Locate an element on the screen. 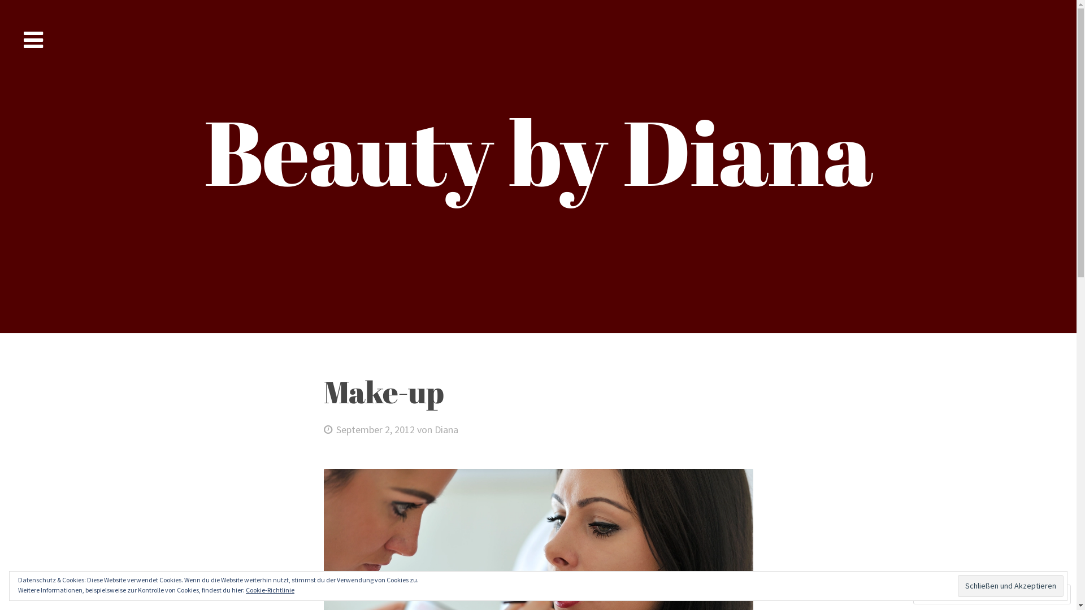  'Cookie-Richtlinie' is located at coordinates (270, 589).